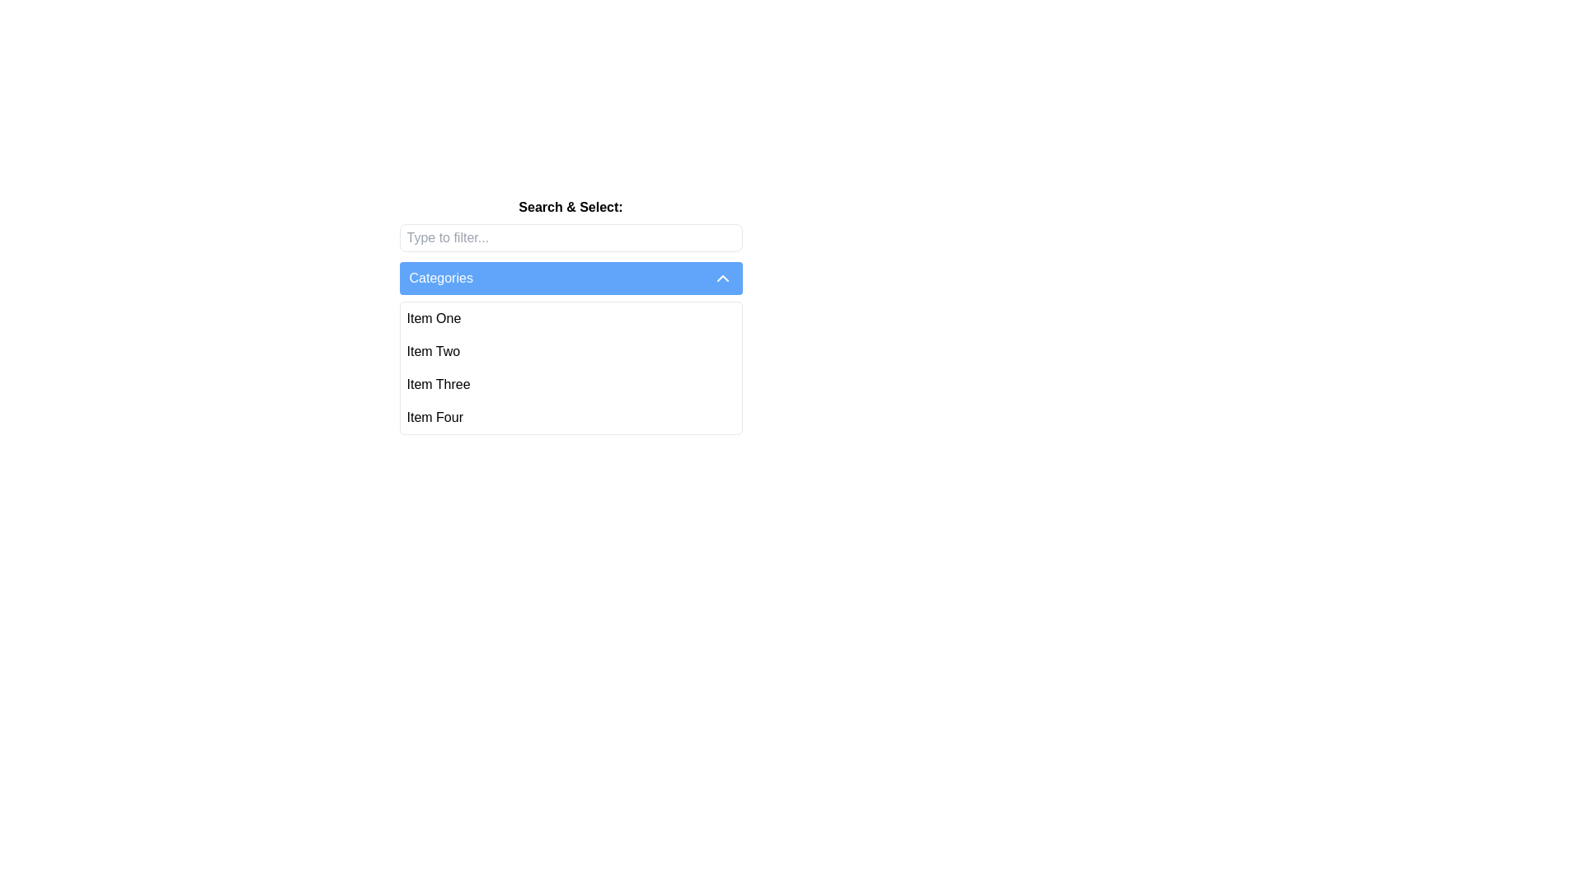 The image size is (1583, 890). What do you see at coordinates (722, 278) in the screenshot?
I see `the upward-pointing chevron icon button with a white outline on a blue background, located at the top-right corner of the 'Categories' header` at bounding box center [722, 278].